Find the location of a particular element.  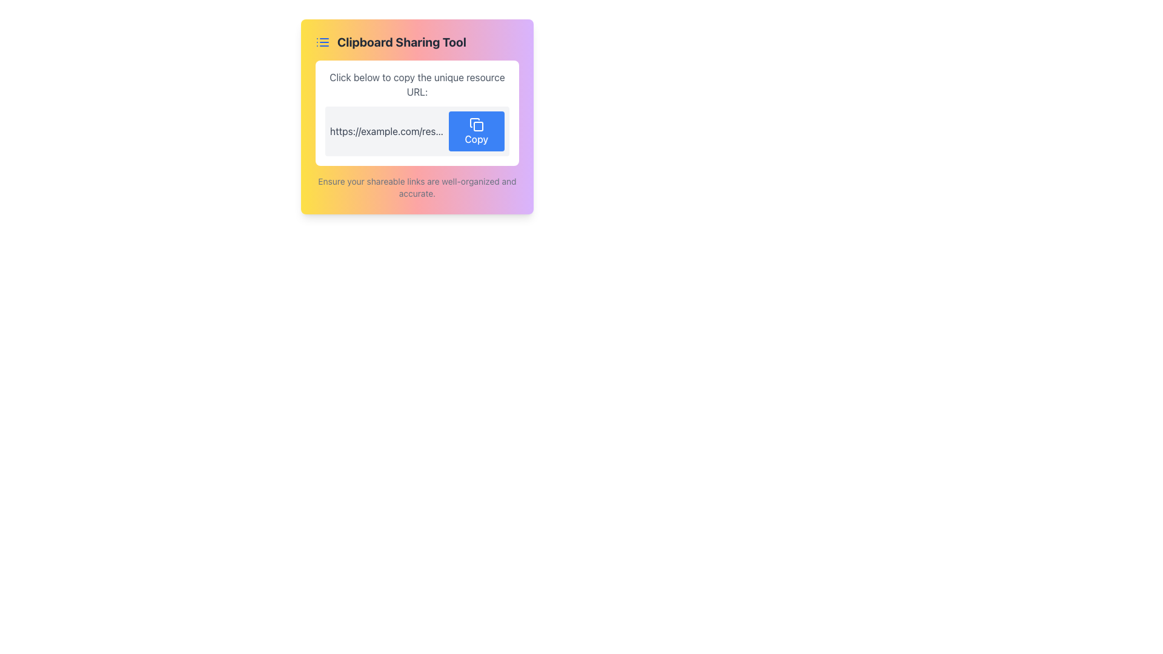

the blue list-like icon with three horizontal lines and dots, located within the header block titled 'Clipboard Sharing Tool' at the top-left of the card is located at coordinates (322, 41).